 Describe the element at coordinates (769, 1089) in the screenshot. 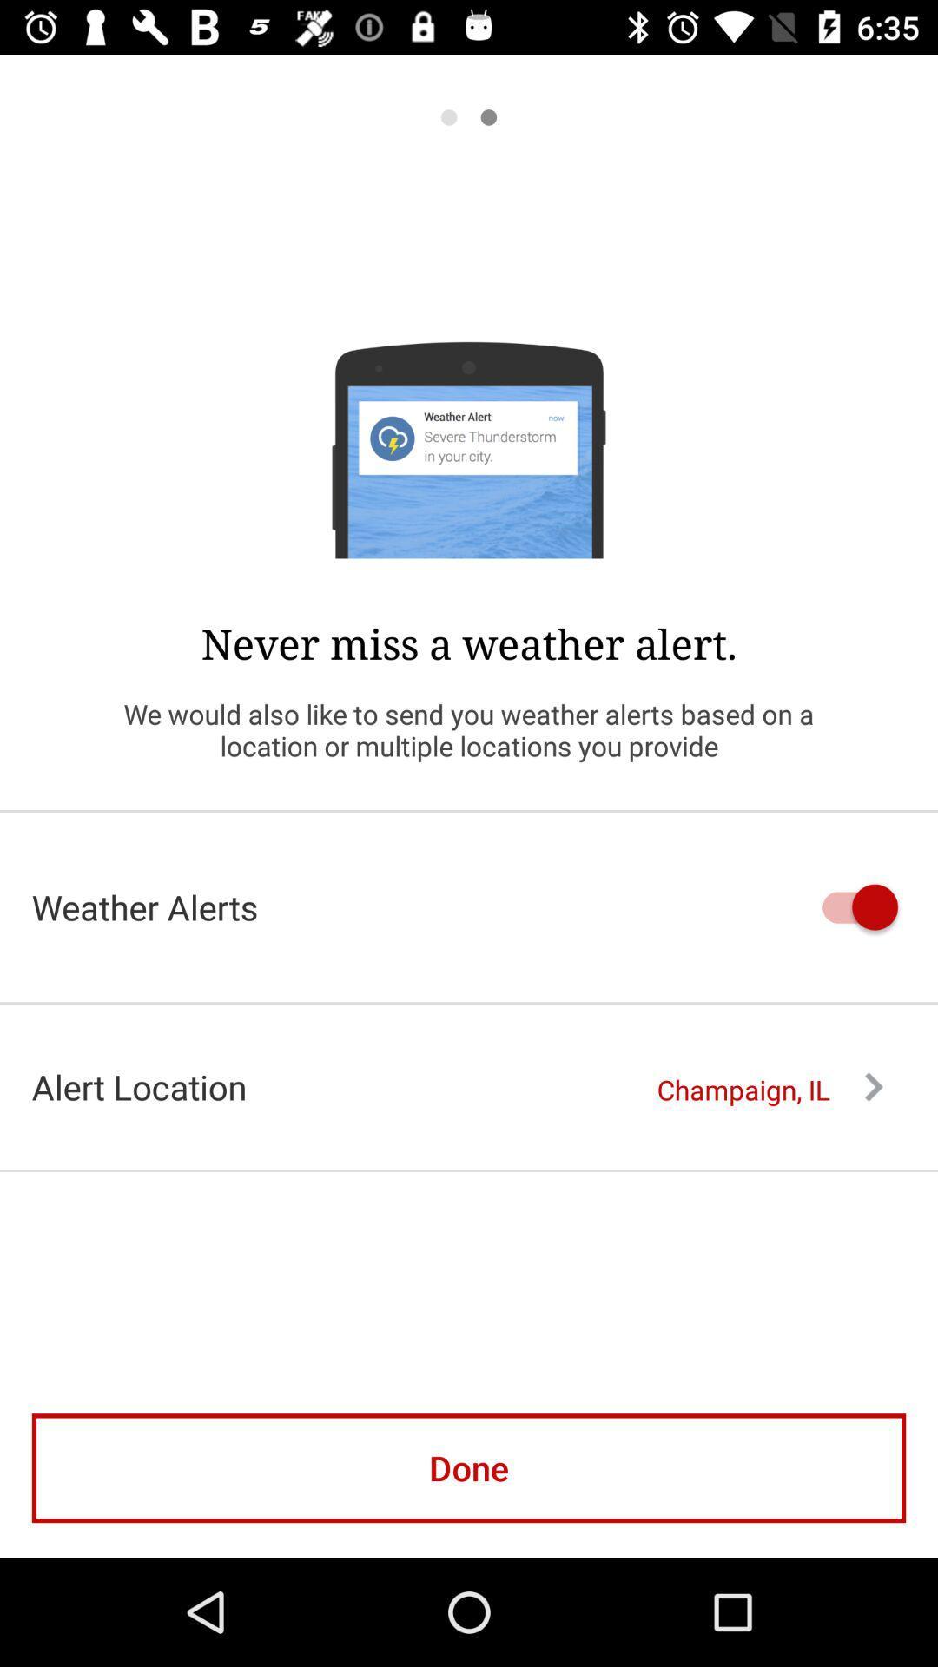

I see `the item to the right of alert location` at that location.